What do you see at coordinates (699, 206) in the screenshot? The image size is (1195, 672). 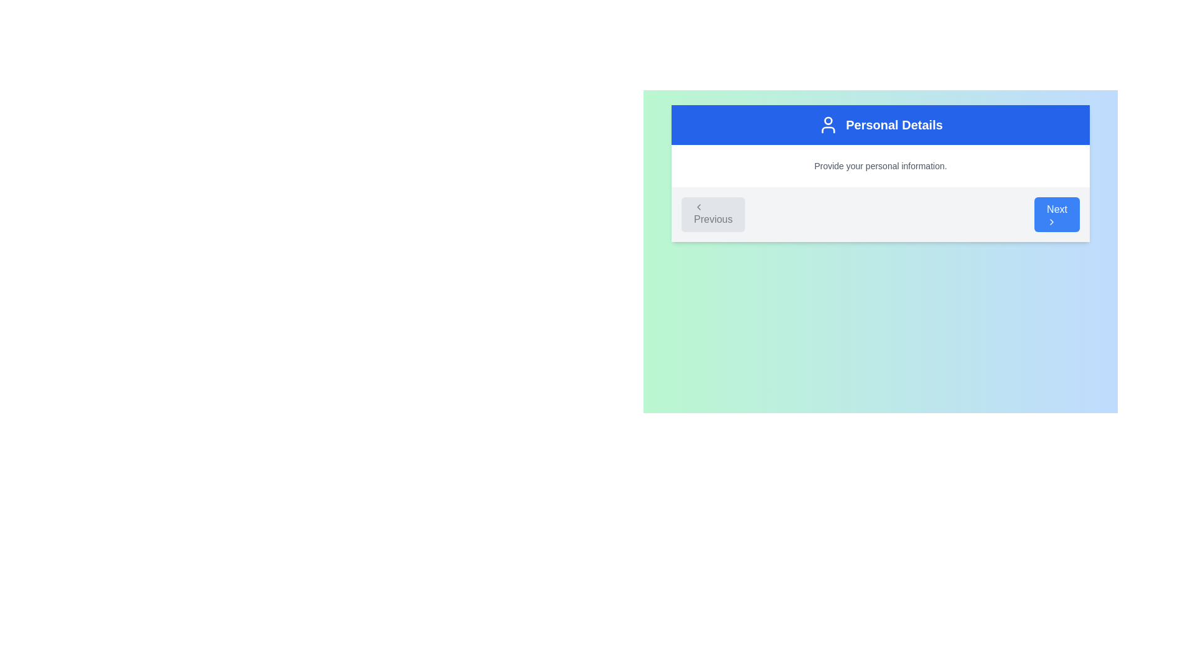 I see `the left-facing chevron arrow icon within the 'Previous' button located in the bottom-left corner of the Personal Details section` at bounding box center [699, 206].